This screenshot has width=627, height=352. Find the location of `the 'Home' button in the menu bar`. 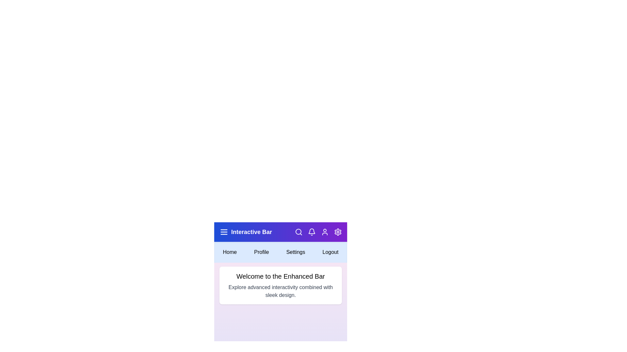

the 'Home' button in the menu bar is located at coordinates (230, 252).